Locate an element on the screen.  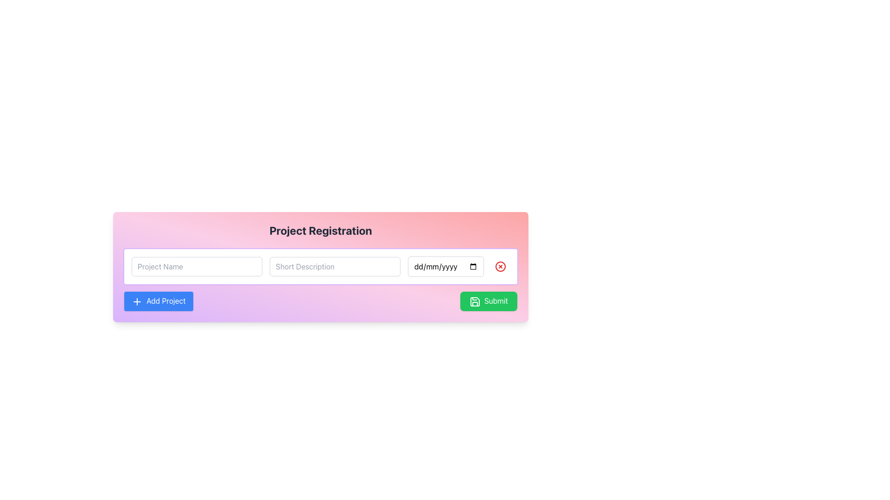
the compact SVG plus sign icon located inside the blue rounded button labeled 'Add Project' is located at coordinates (137, 301).